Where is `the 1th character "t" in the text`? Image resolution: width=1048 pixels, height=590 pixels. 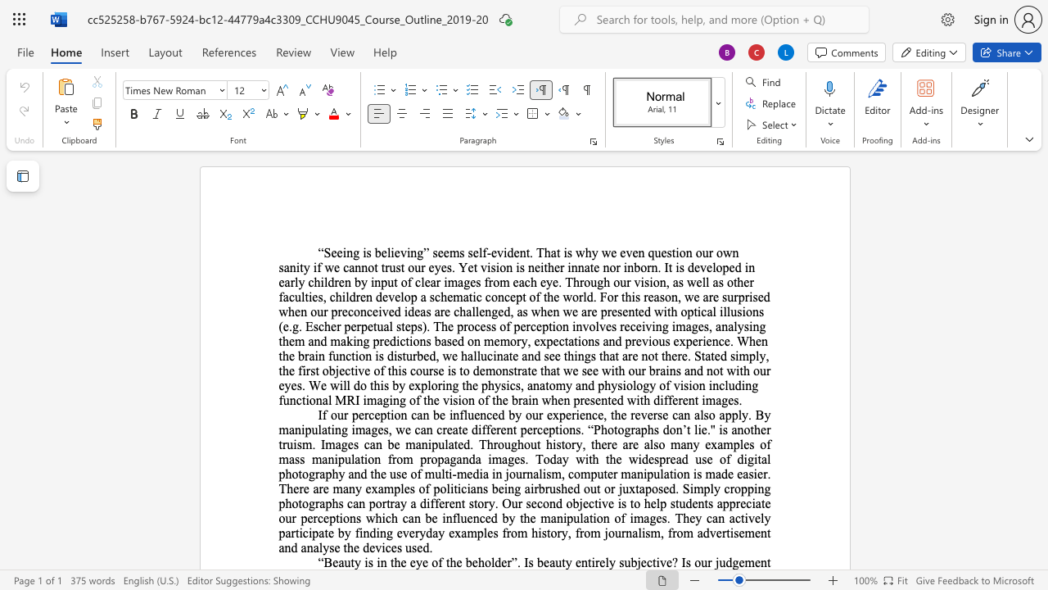
the 1th character "t" in the text is located at coordinates (300, 502).